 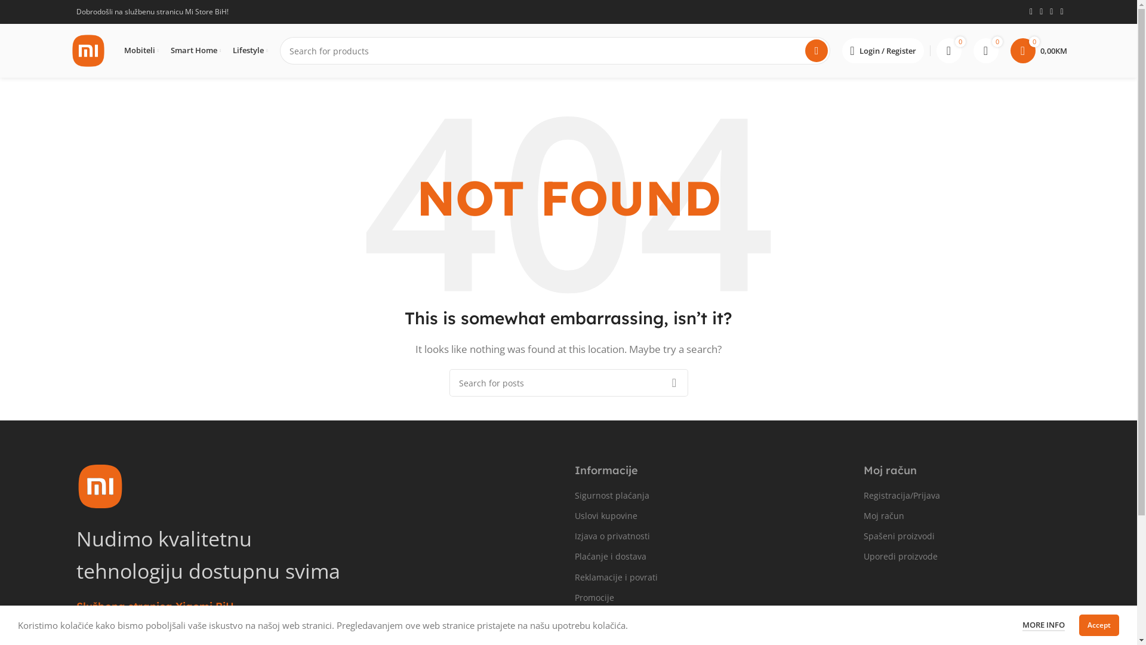 What do you see at coordinates (1043, 624) in the screenshot?
I see `'MORE INFO'` at bounding box center [1043, 624].